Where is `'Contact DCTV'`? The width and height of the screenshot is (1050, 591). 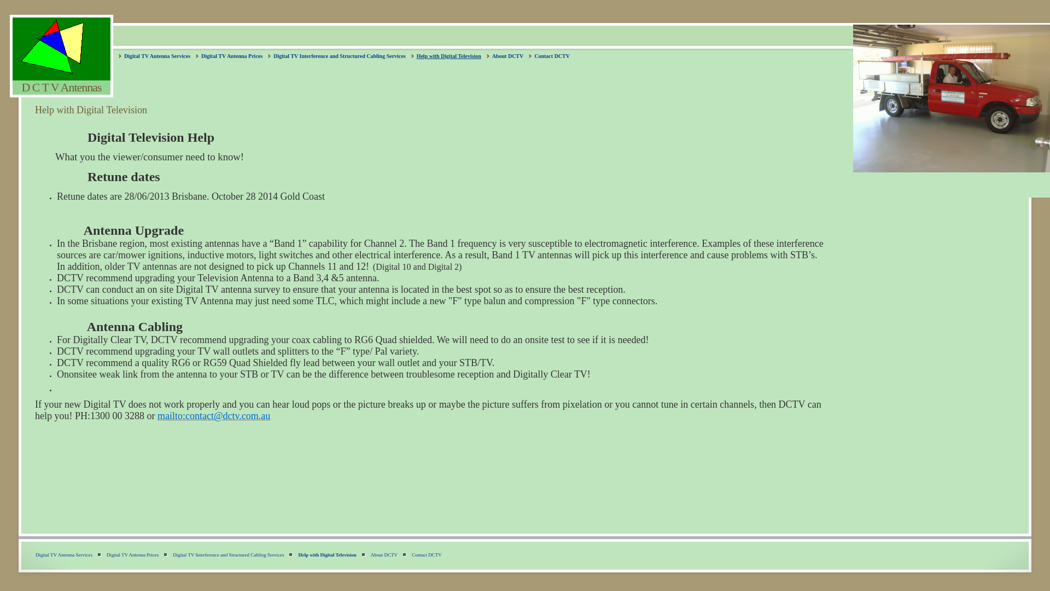 'Contact DCTV' is located at coordinates (426, 554).